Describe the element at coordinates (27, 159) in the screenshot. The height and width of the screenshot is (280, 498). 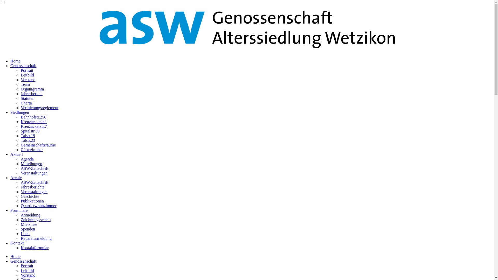
I see `'Agenda'` at that location.